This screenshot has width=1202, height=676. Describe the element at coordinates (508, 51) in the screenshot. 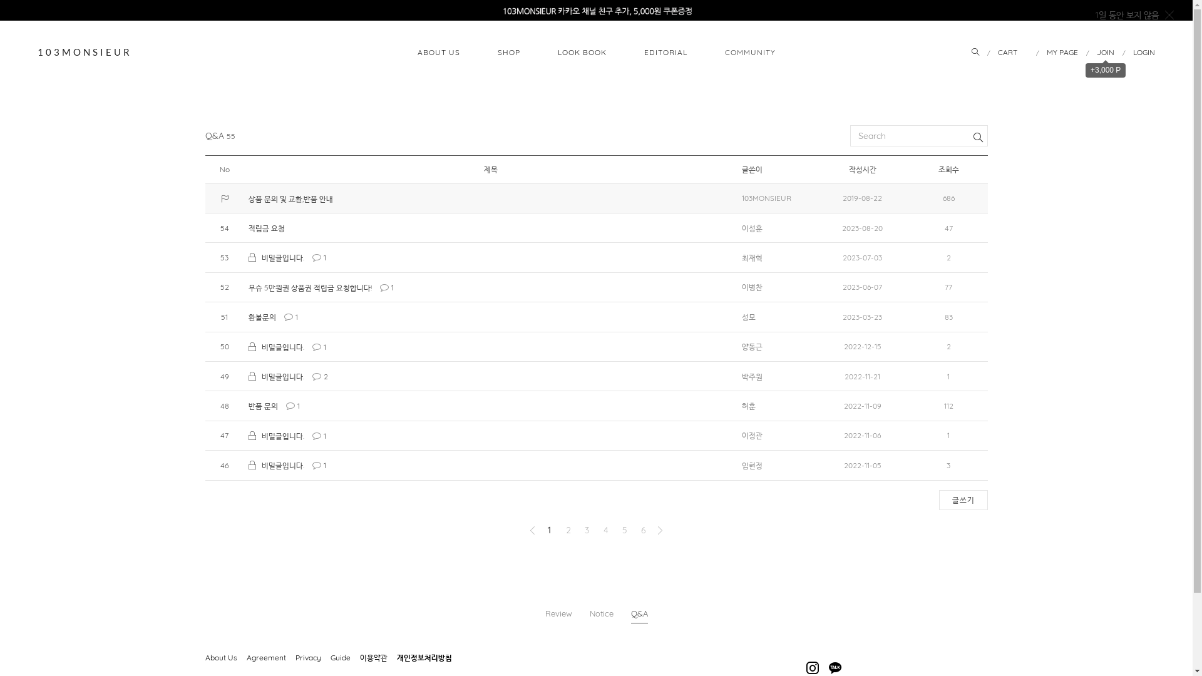

I see `'SHOP'` at that location.